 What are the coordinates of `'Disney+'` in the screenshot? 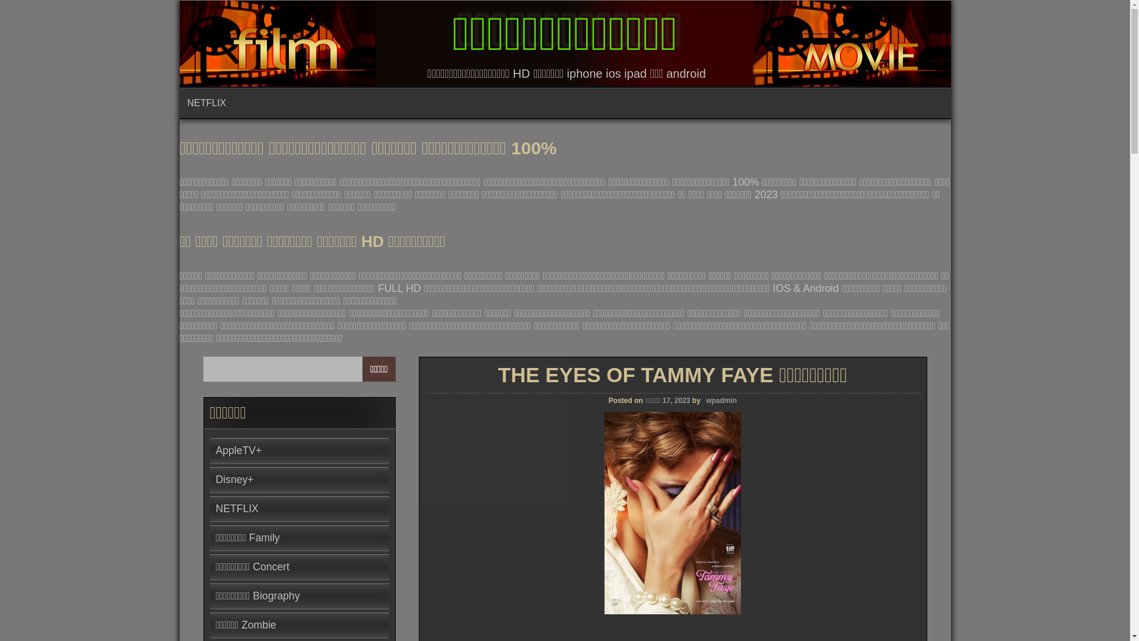 It's located at (234, 478).